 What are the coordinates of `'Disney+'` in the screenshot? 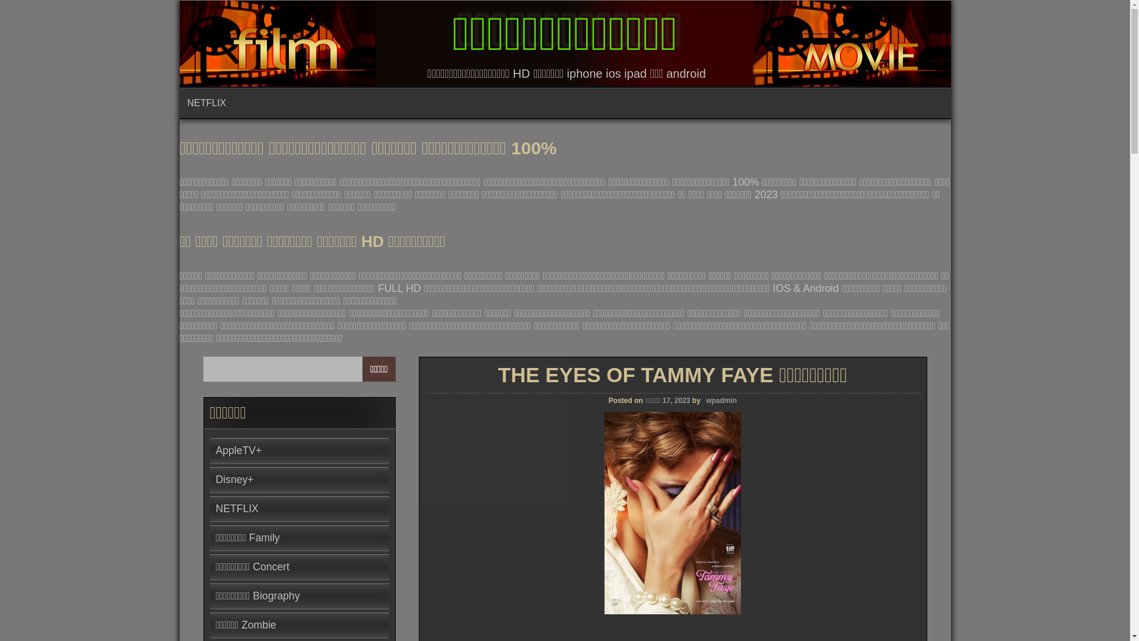 It's located at (234, 478).